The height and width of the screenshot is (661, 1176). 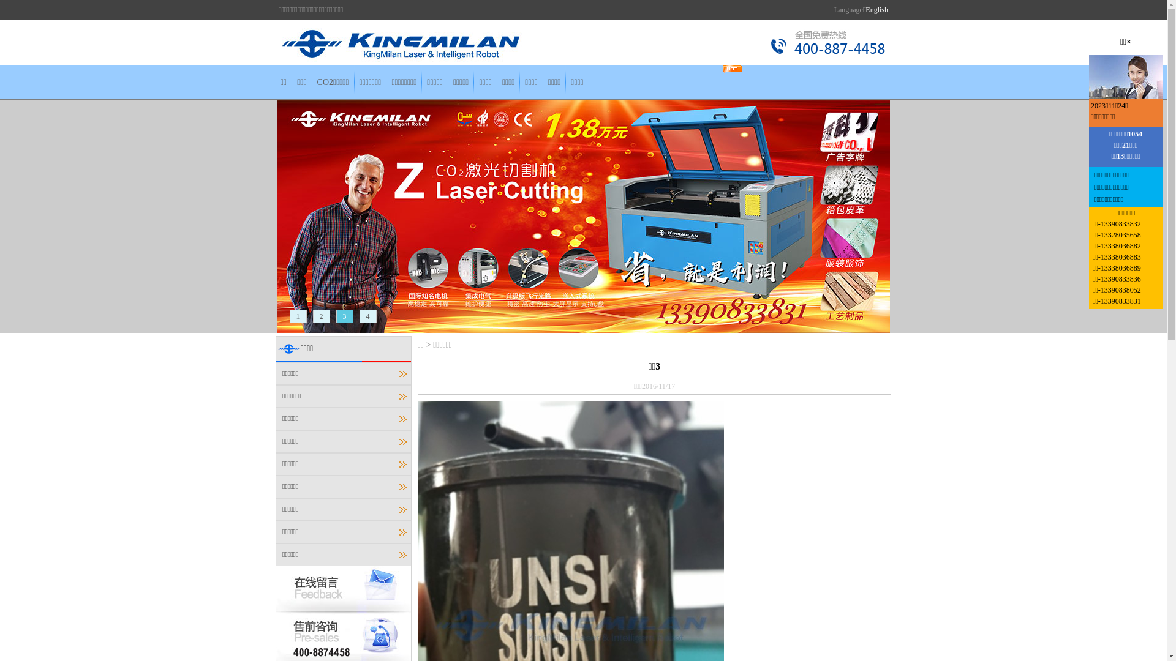 I want to click on '1', so click(x=297, y=315).